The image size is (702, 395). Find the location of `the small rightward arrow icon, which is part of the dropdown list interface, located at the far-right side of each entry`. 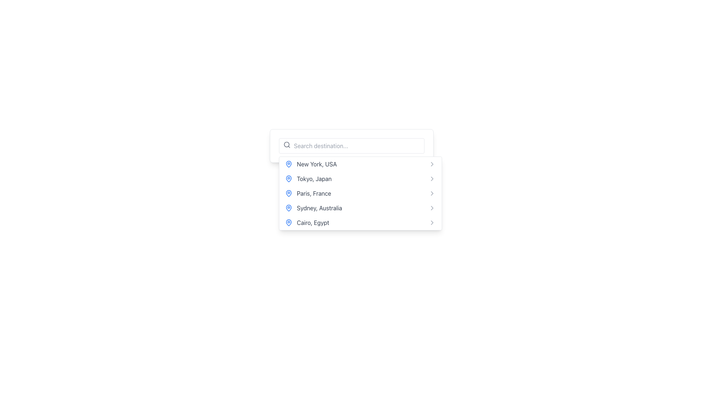

the small rightward arrow icon, which is part of the dropdown list interface, located at the far-right side of each entry is located at coordinates (432, 163).